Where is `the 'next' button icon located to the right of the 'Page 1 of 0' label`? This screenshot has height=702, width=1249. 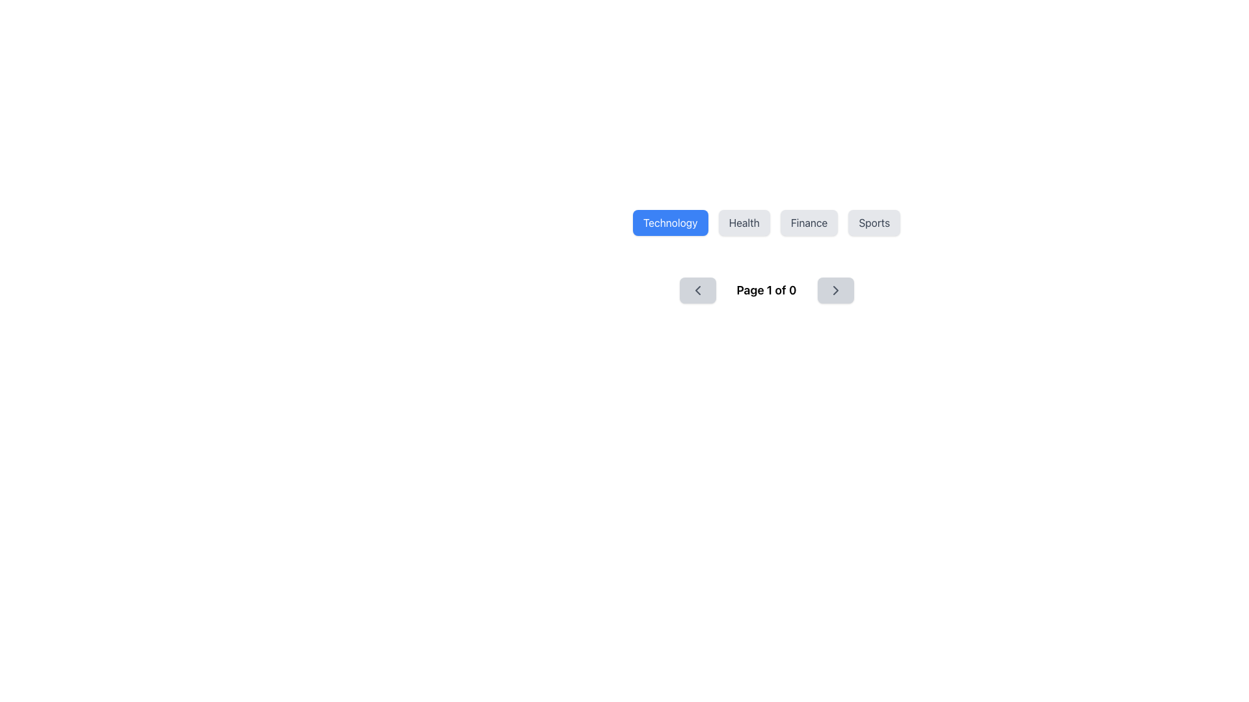
the 'next' button icon located to the right of the 'Page 1 of 0' label is located at coordinates (835, 290).